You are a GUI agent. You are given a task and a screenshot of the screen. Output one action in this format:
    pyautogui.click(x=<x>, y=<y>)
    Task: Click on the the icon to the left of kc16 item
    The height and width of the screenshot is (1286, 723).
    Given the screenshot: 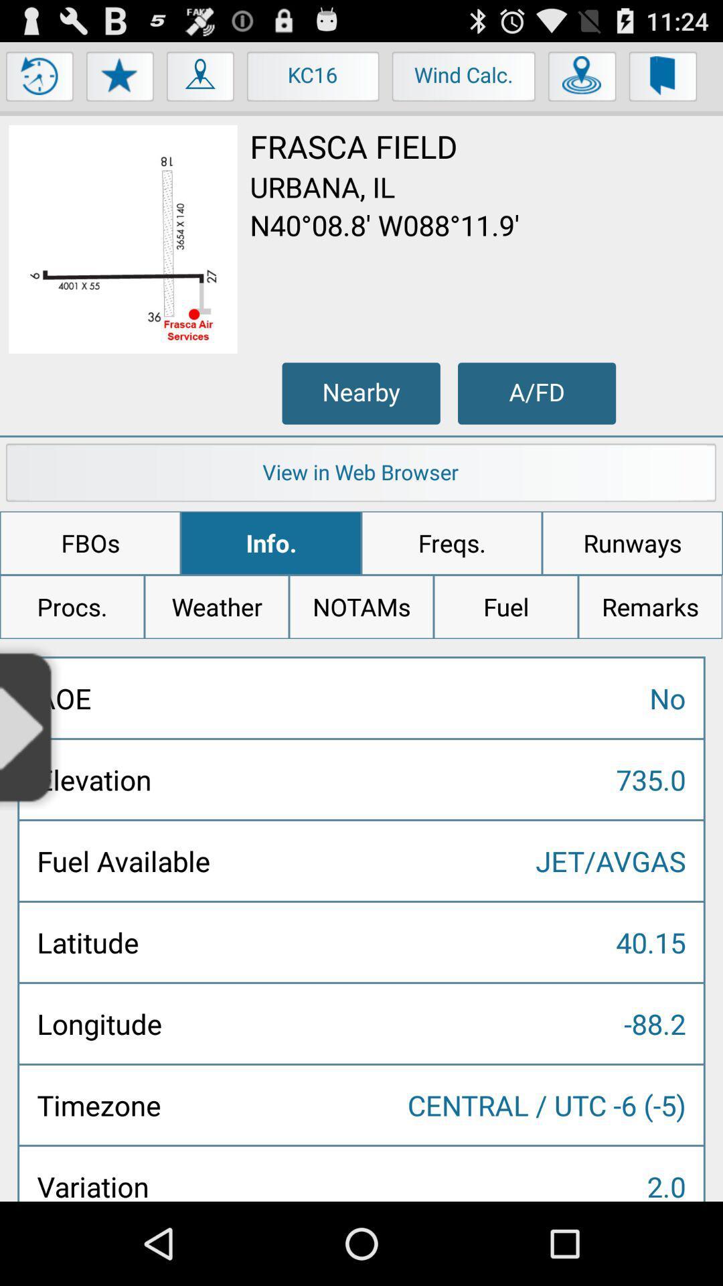 What is the action you would take?
    pyautogui.click(x=201, y=79)
    